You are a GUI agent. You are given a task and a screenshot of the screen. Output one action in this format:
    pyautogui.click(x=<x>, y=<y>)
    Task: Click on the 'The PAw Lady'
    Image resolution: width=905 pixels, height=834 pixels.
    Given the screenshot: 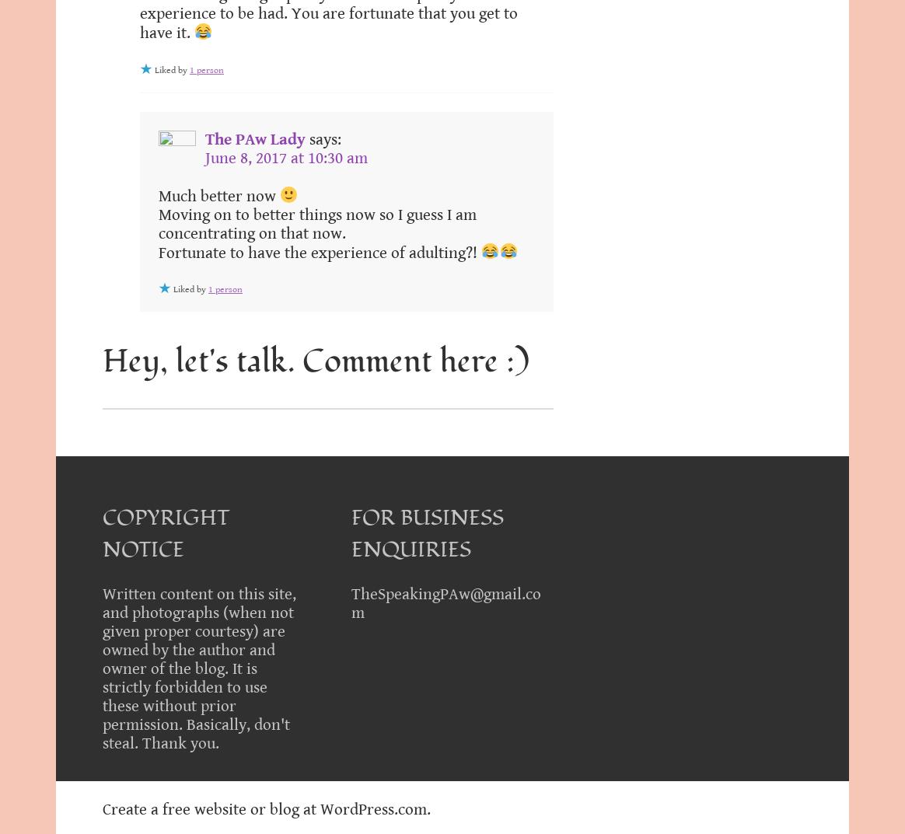 What is the action you would take?
    pyautogui.click(x=255, y=138)
    